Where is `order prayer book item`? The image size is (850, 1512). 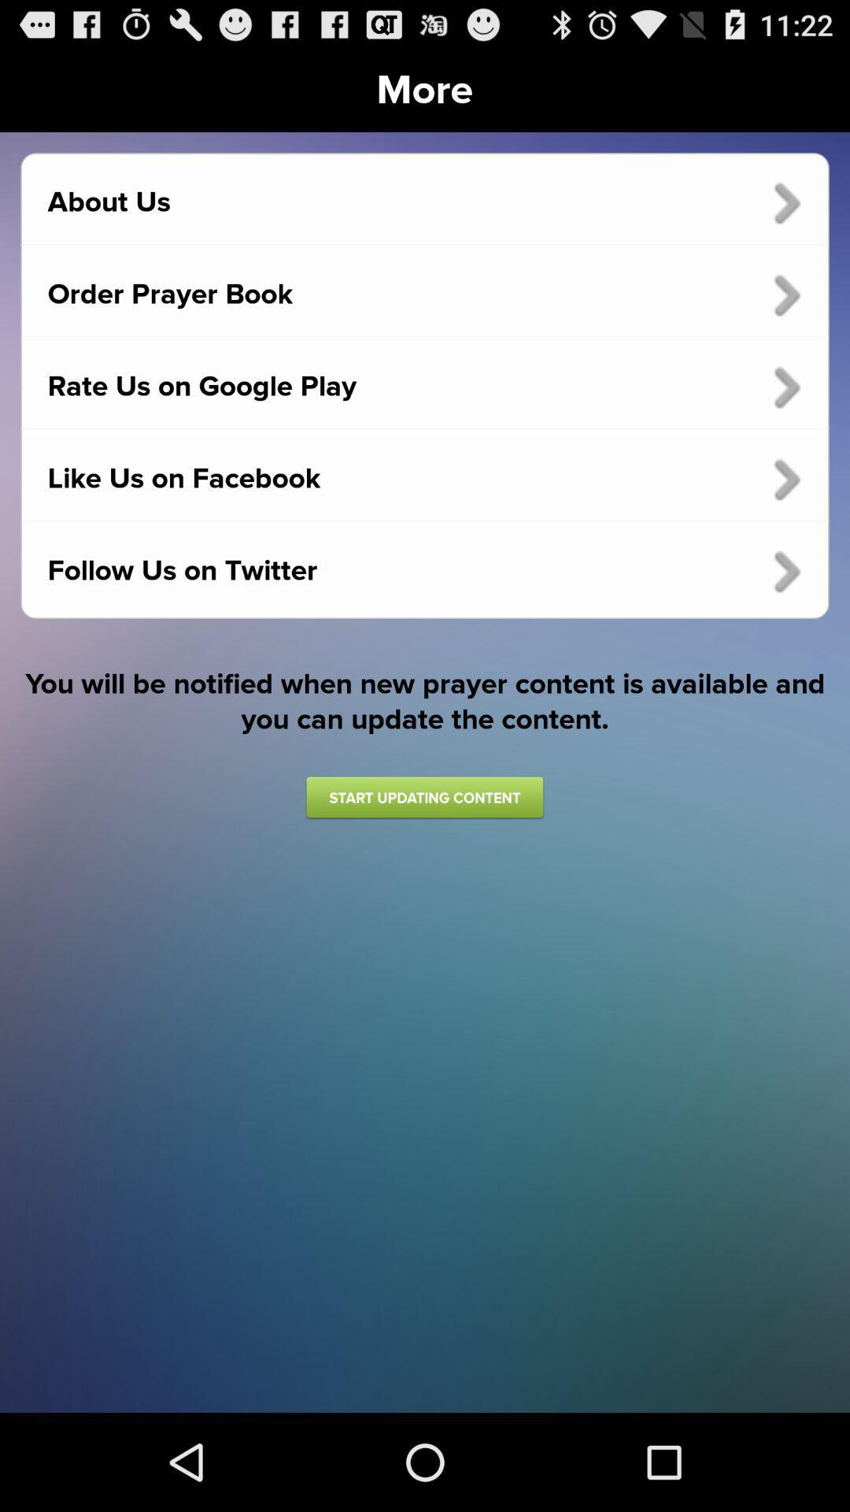 order prayer book item is located at coordinates (425, 295).